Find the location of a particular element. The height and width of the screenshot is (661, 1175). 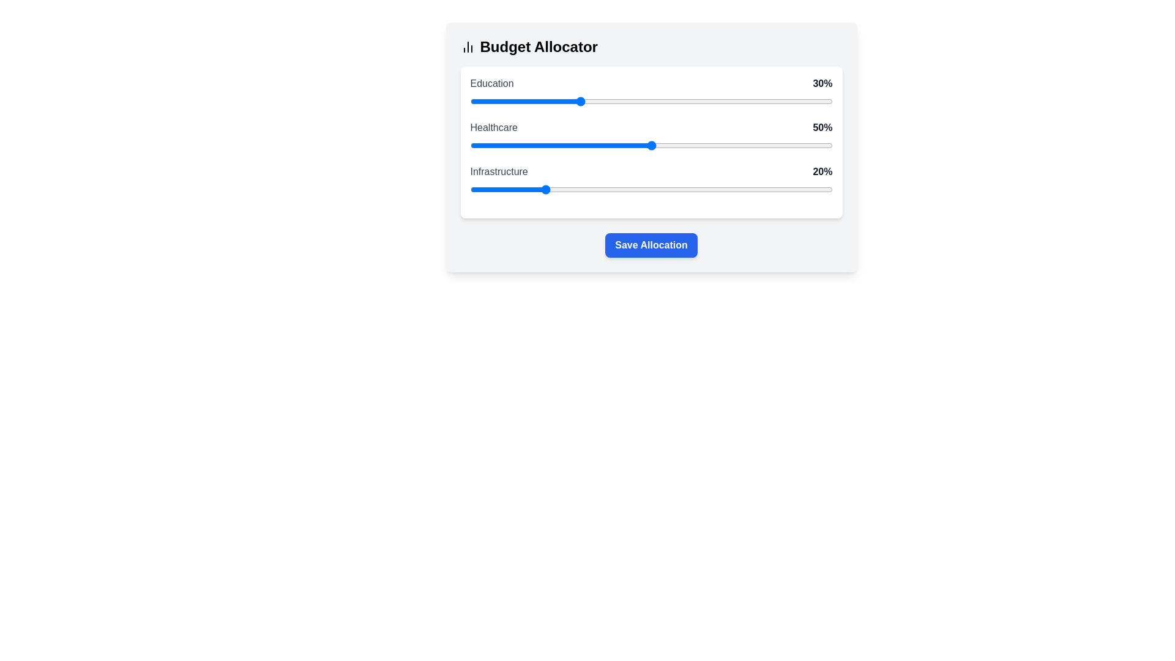

the 'Save Allocation' button which is a rectangular button with a blue background, rounded corners, and bold white text, to observe its hover effect is located at coordinates (651, 245).